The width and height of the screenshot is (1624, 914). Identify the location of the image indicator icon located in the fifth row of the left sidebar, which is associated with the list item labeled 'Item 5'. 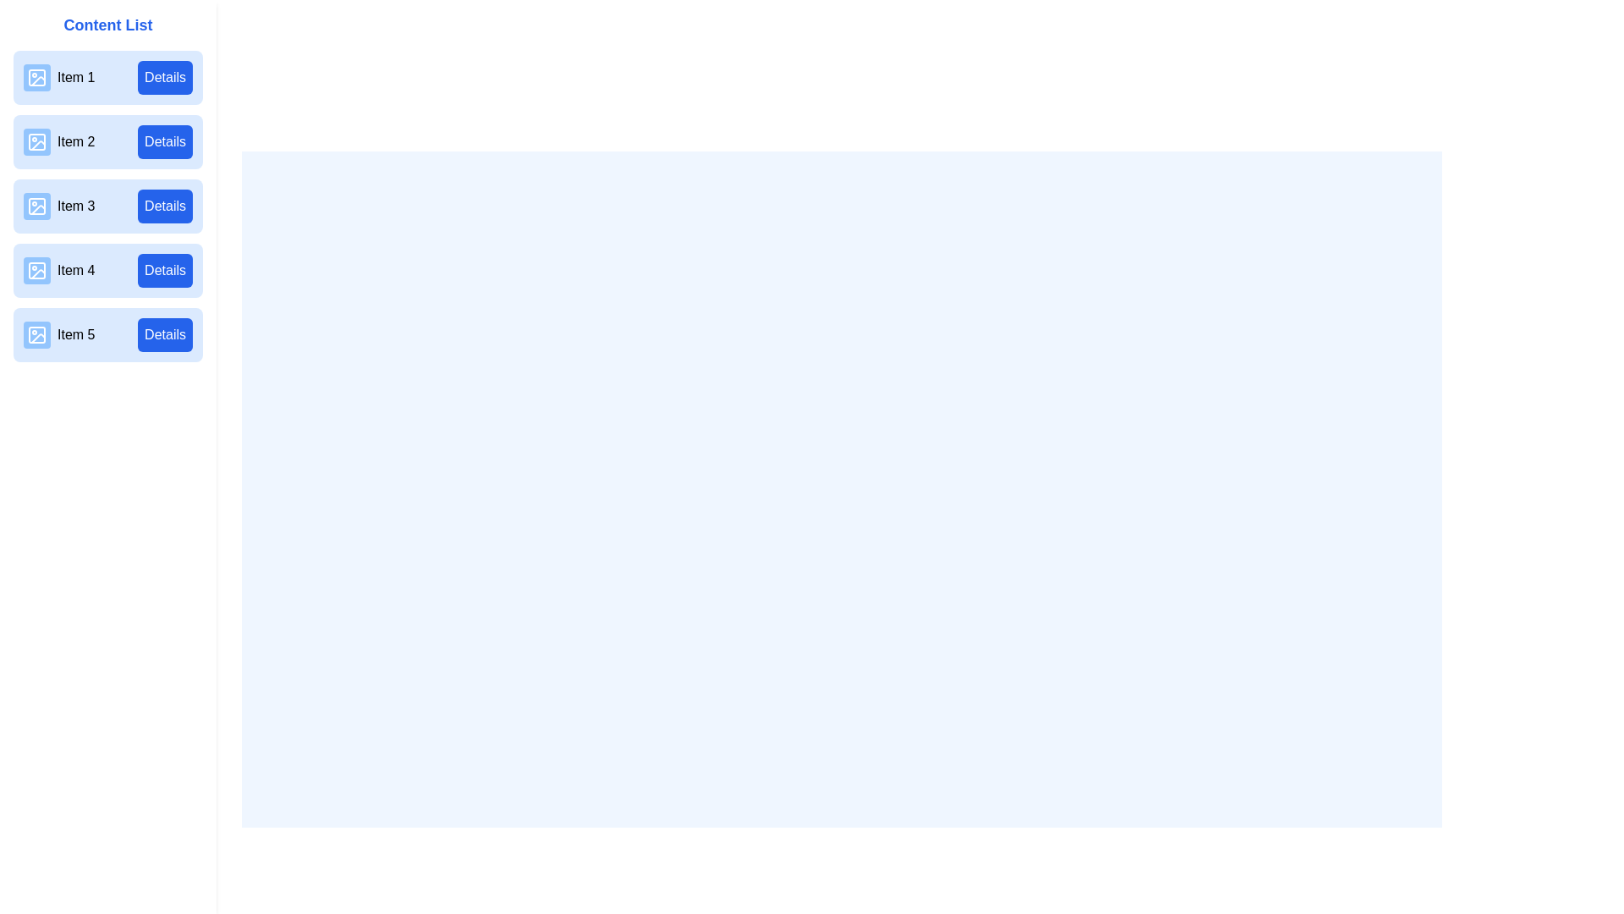
(36, 335).